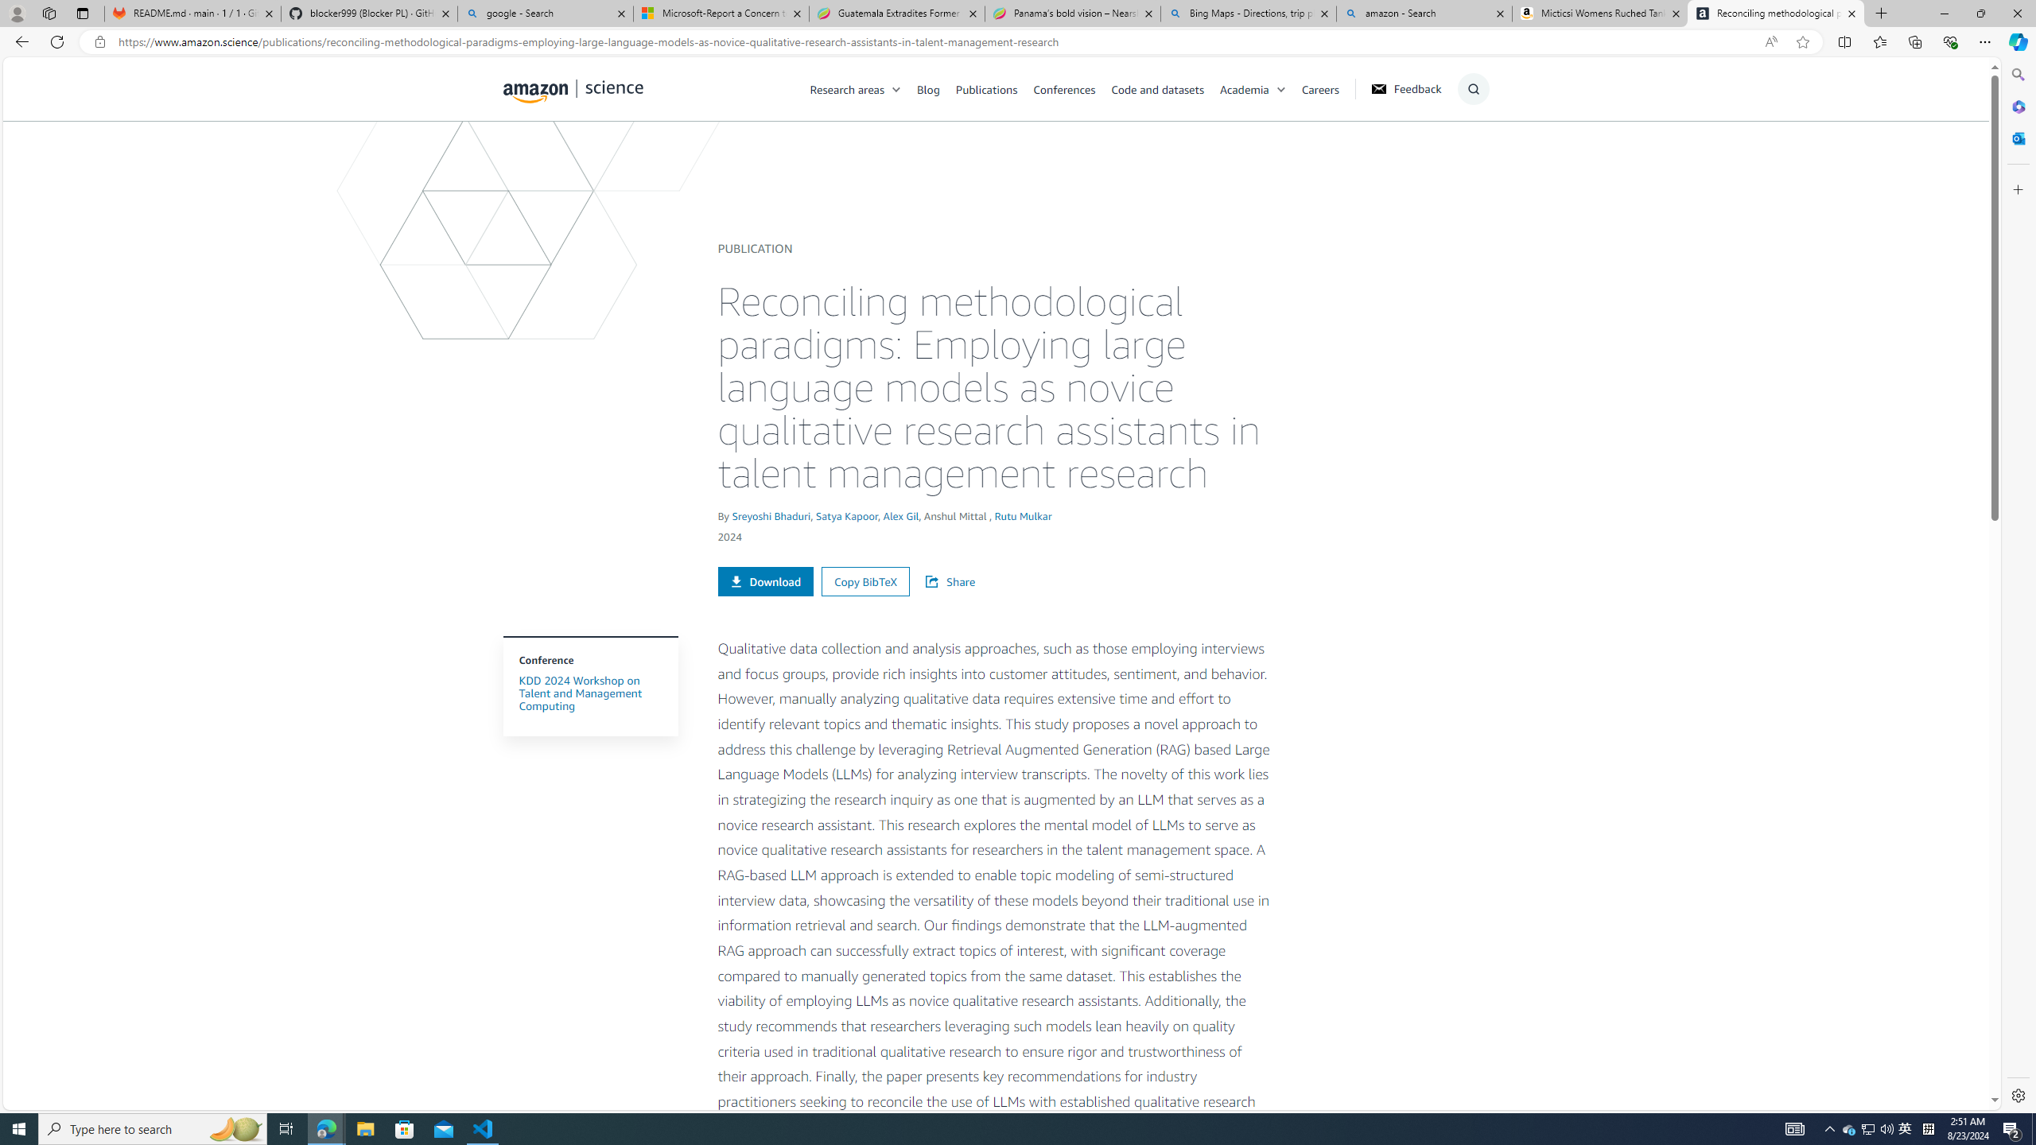 The width and height of the screenshot is (2036, 1145). I want to click on 'Blog', so click(936, 88).